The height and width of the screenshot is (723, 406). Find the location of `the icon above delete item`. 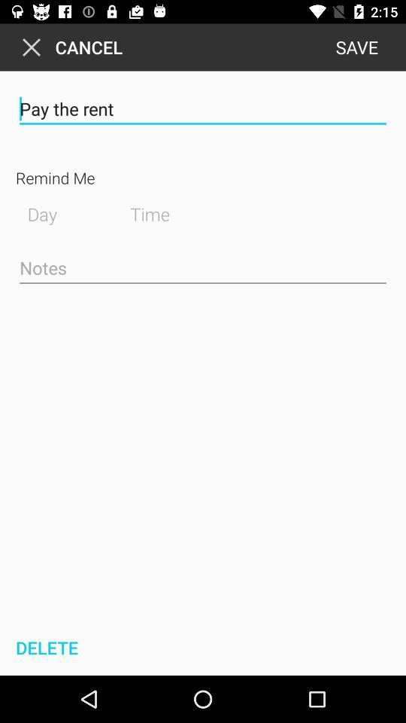

the icon above delete item is located at coordinates (203, 269).